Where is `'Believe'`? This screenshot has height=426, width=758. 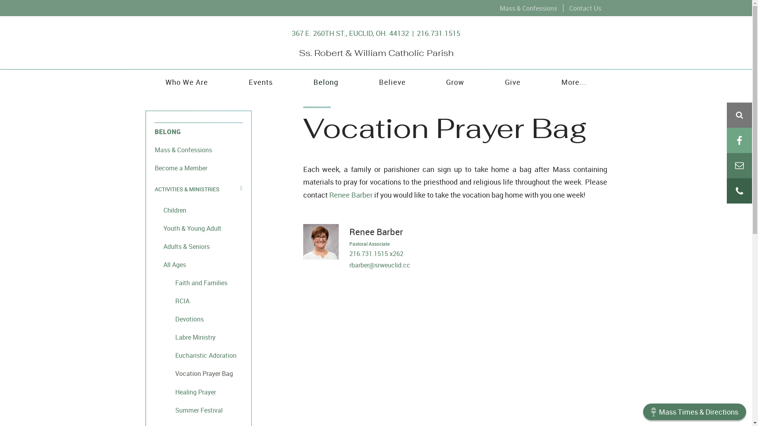
'Believe' is located at coordinates (392, 82).